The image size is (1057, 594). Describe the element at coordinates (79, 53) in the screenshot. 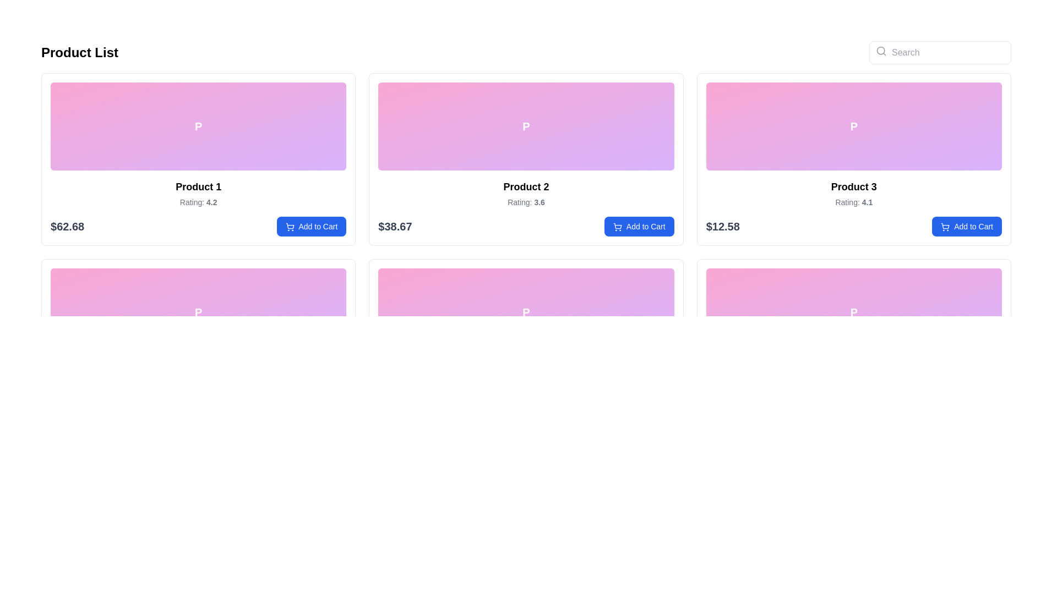

I see `the heading indicating the list of products, located at the top-left corner of the interface` at that location.